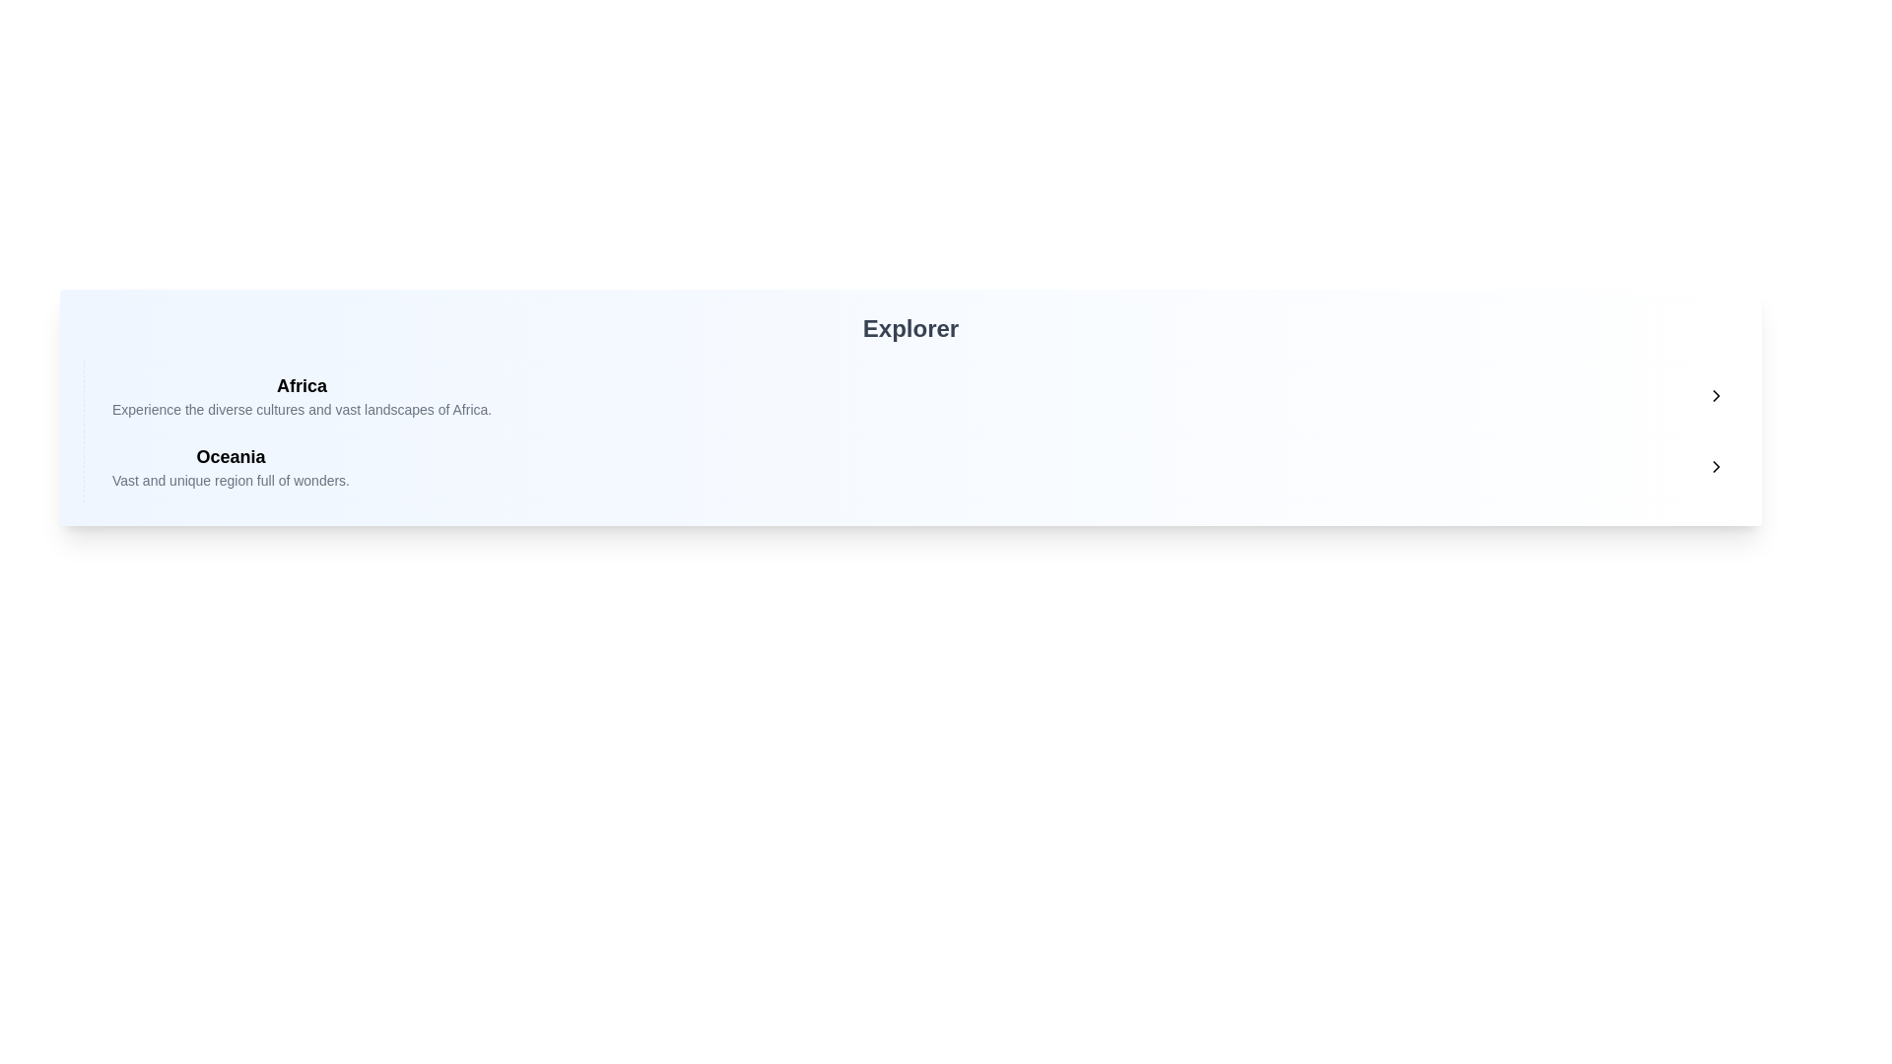 The height and width of the screenshot is (1064, 1892). Describe the element at coordinates (1716, 395) in the screenshot. I see `the navigation chevron icon located near the right margin of the 'Explorer' section box` at that location.